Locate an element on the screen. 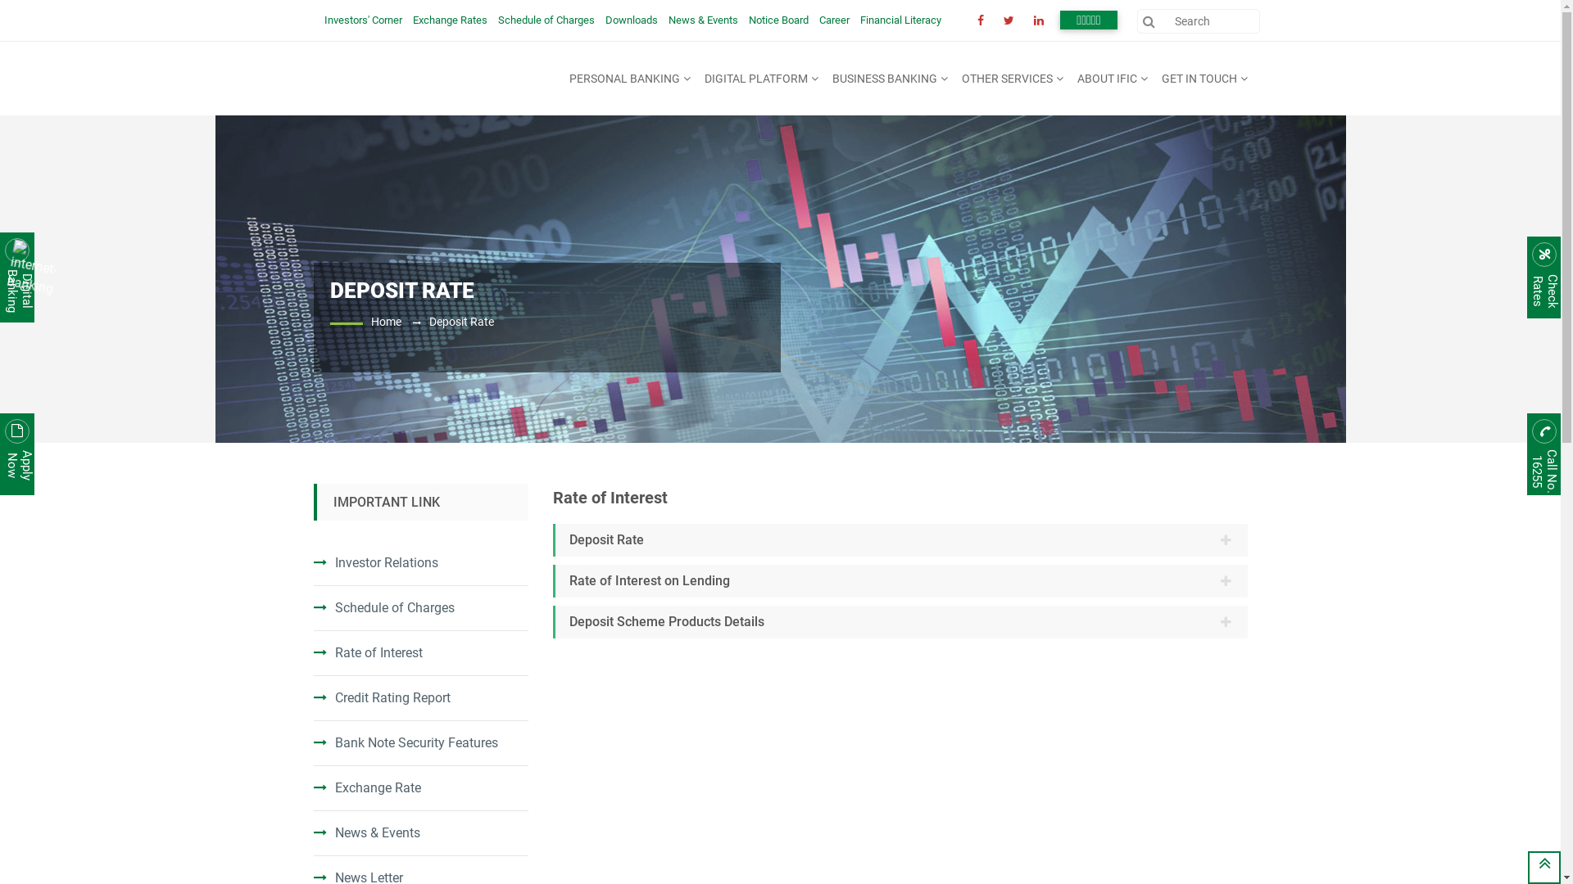 The image size is (1573, 884). 'Bank Note Security Features' is located at coordinates (405, 742).